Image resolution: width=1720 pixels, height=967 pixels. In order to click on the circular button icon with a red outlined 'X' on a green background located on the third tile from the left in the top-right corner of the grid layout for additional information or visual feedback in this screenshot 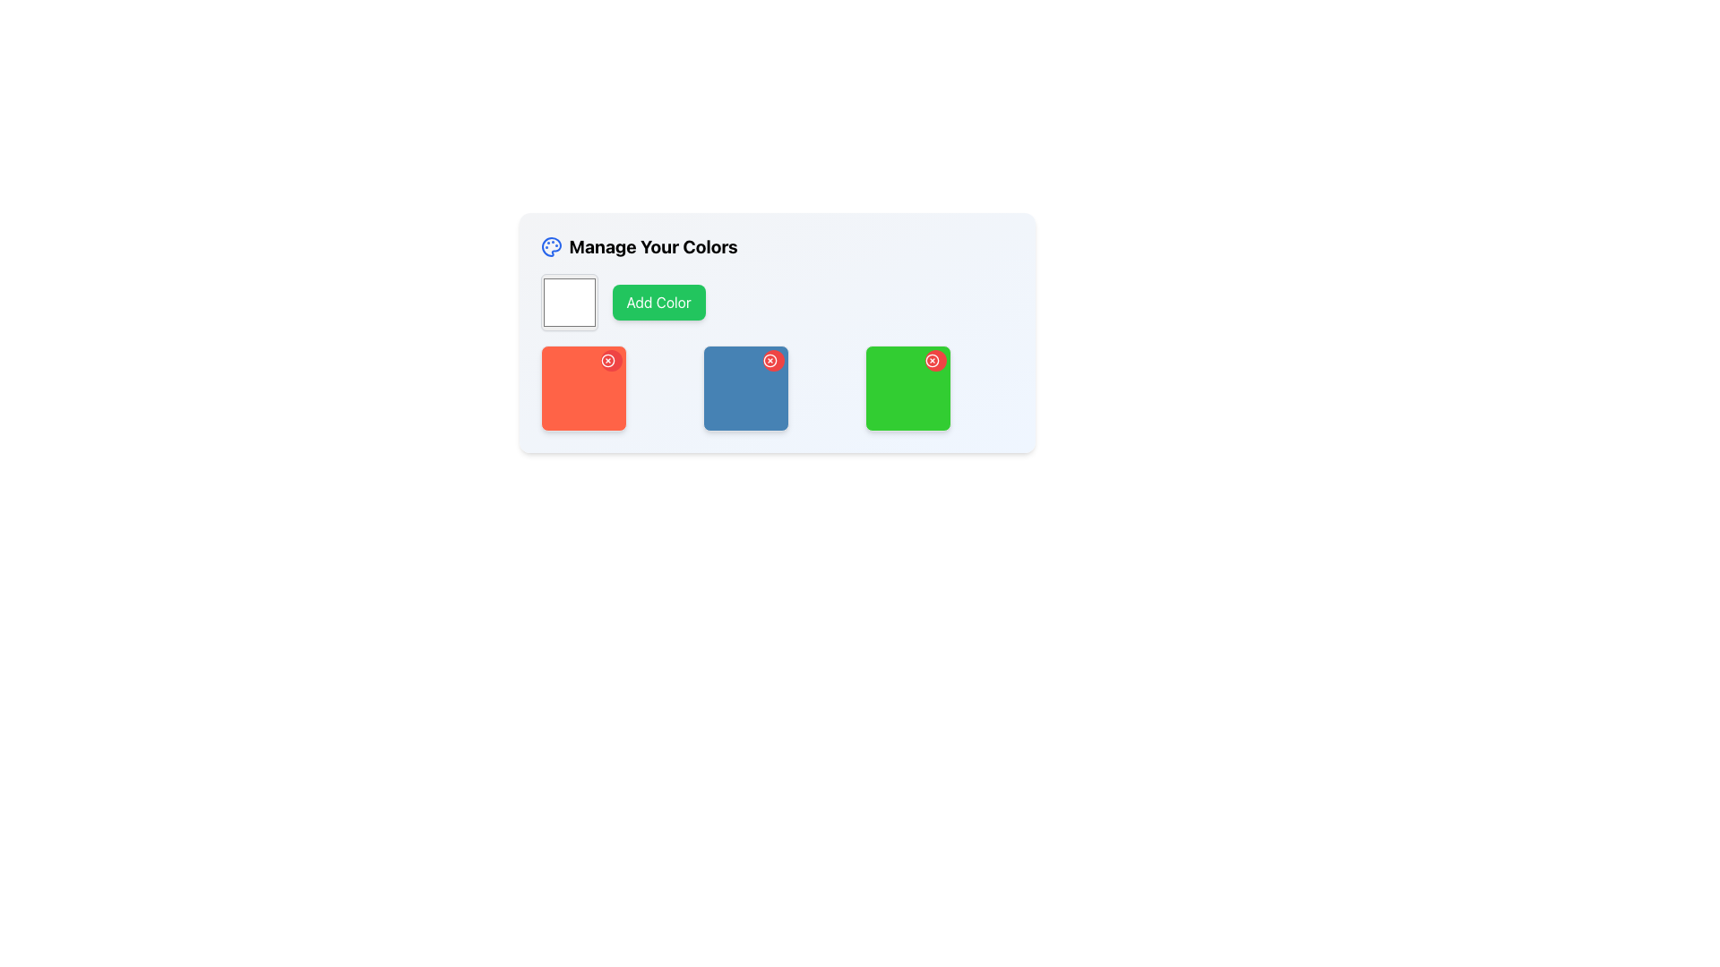, I will do `click(932, 360)`.